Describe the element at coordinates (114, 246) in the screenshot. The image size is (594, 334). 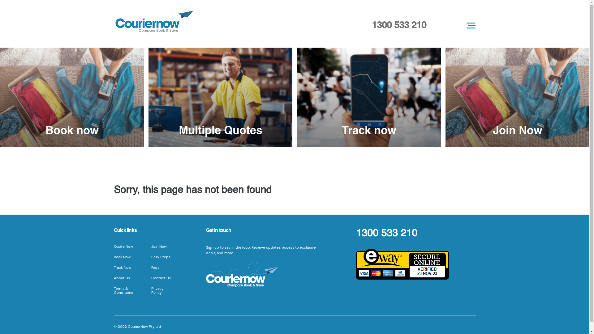
I see `'Quote Now'` at that location.